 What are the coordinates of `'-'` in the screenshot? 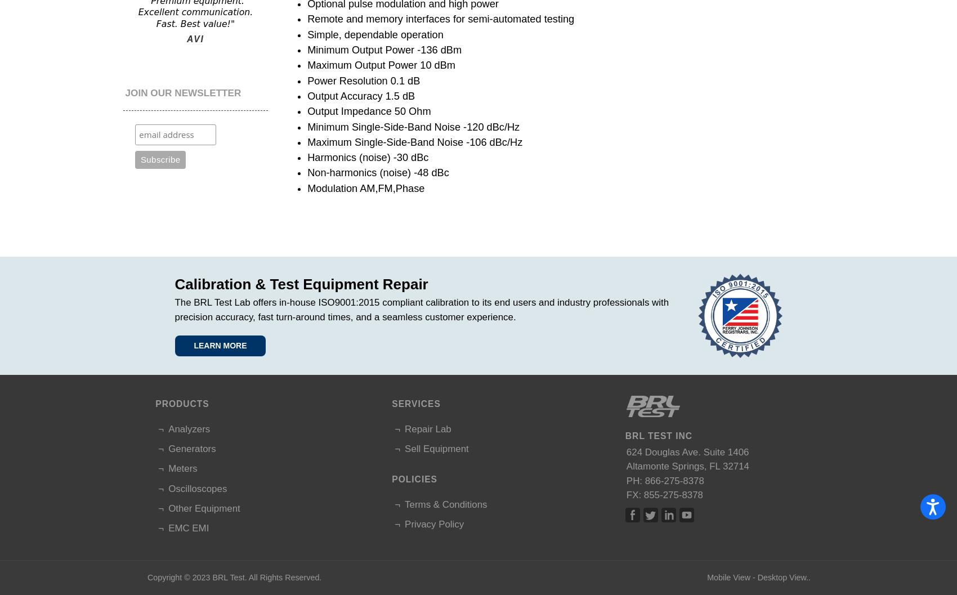 It's located at (749, 576).